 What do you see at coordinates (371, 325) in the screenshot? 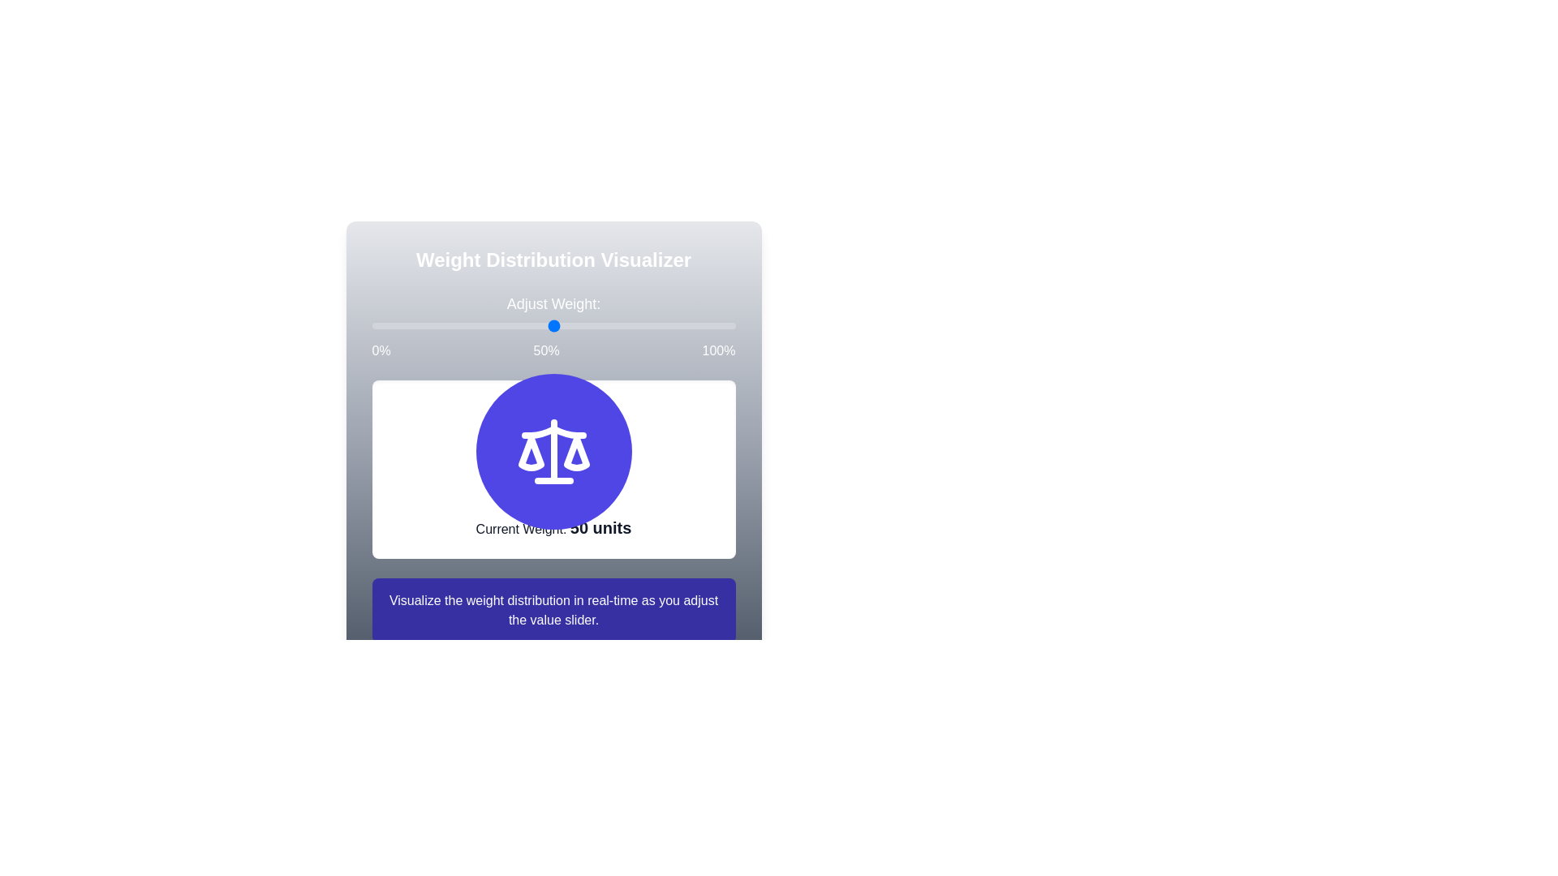
I see `the weight slider to set the weight to 4%` at bounding box center [371, 325].